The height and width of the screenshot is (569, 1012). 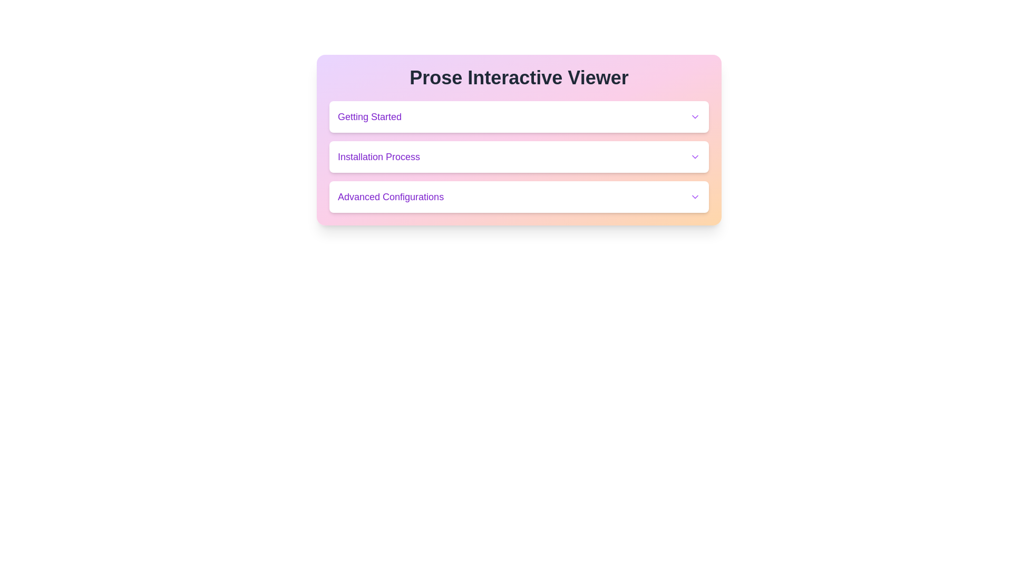 I want to click on the title 'Installation Process' of the expandable list item, so click(x=519, y=156).